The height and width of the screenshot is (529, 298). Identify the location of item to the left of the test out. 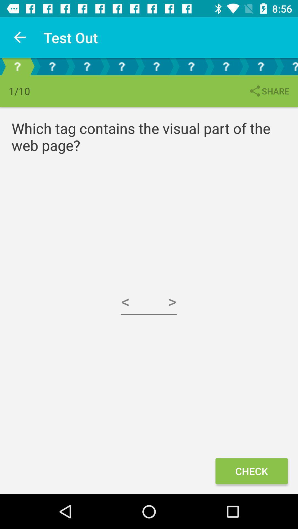
(20, 37).